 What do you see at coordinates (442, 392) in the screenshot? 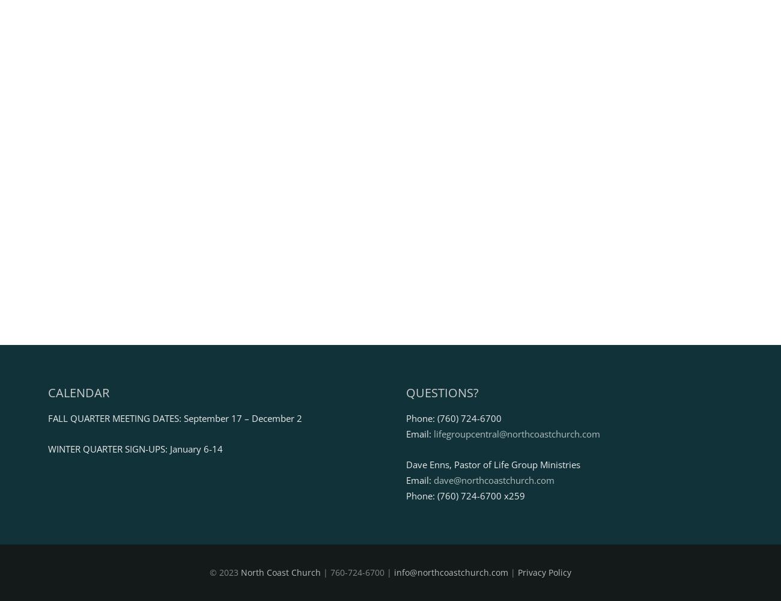
I see `'QUESTIONS?'` at bounding box center [442, 392].